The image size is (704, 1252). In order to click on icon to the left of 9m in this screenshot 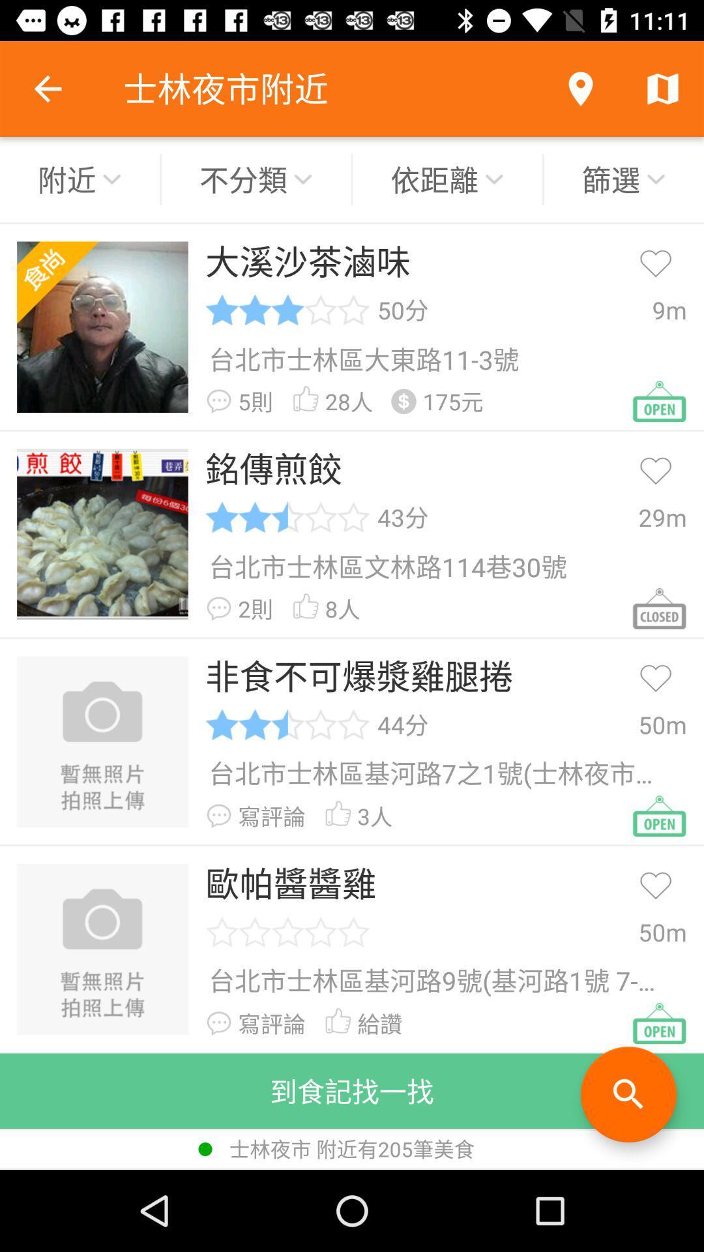, I will do `click(402, 309)`.